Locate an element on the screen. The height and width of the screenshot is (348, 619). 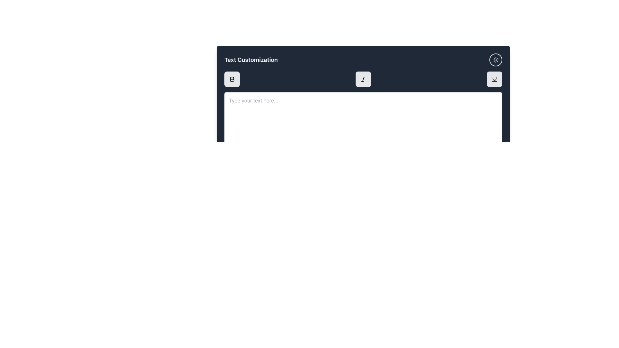
the bold text formatting button, which is the first button in a horizontal group within the toolbar is located at coordinates (232, 79).